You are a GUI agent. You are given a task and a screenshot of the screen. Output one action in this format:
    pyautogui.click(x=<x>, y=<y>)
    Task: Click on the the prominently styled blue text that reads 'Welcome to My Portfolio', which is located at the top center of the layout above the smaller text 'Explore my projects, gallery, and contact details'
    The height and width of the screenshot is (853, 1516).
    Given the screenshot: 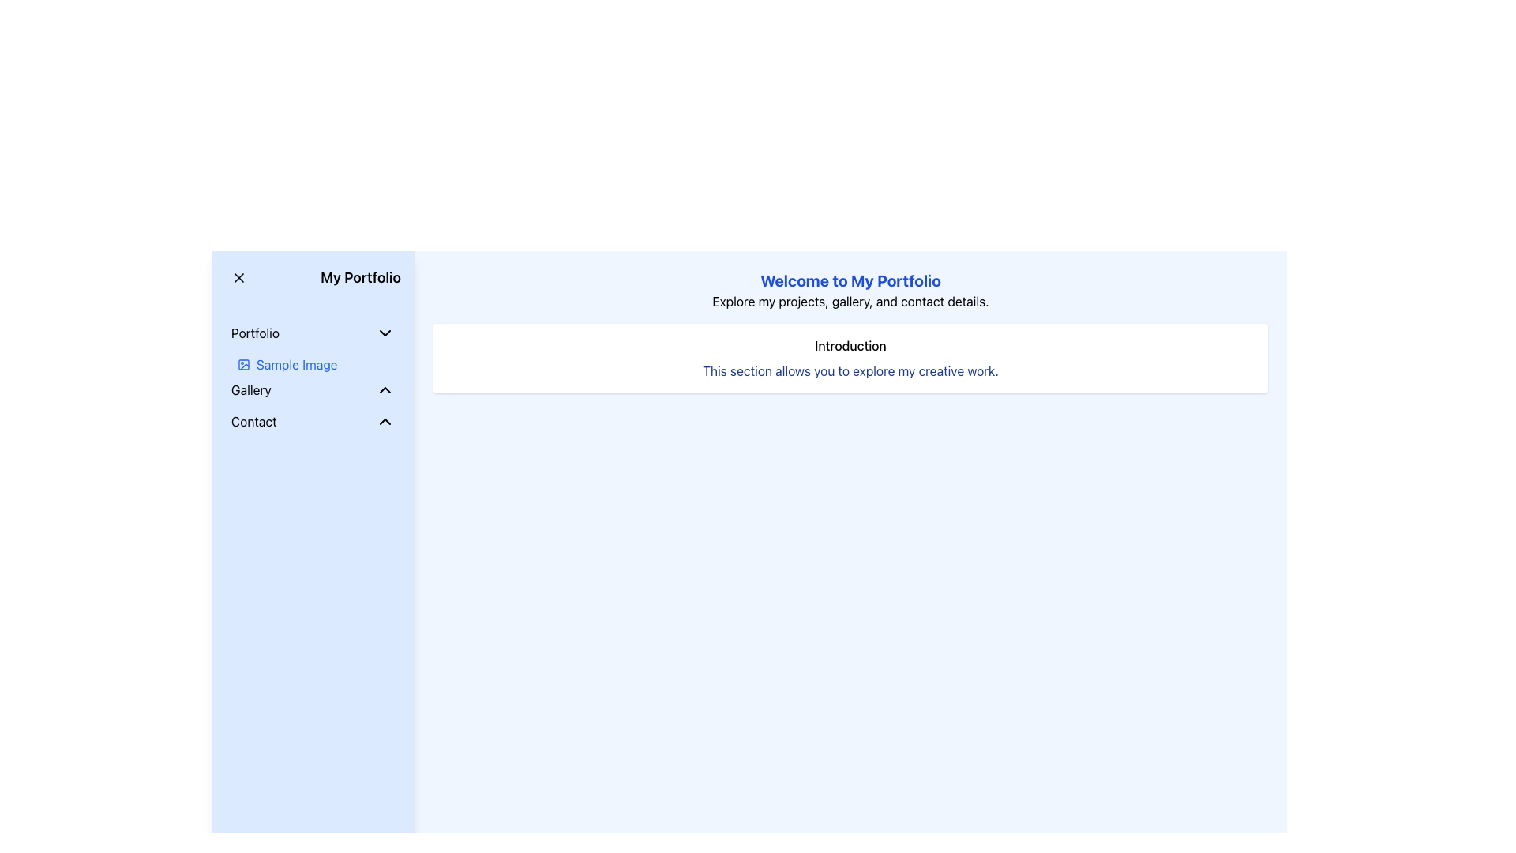 What is the action you would take?
    pyautogui.click(x=850, y=280)
    